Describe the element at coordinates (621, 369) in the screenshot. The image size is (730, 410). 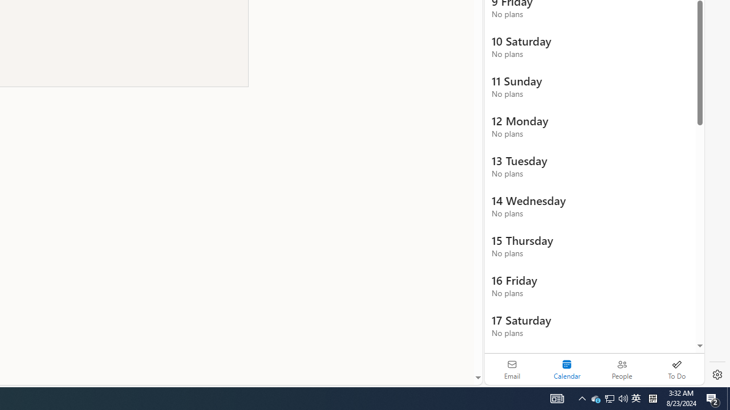
I see `'People'` at that location.